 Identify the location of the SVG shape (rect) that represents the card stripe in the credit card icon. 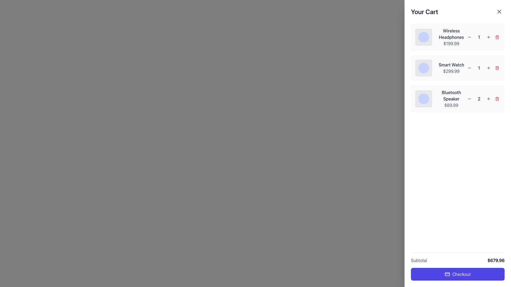
(447, 274).